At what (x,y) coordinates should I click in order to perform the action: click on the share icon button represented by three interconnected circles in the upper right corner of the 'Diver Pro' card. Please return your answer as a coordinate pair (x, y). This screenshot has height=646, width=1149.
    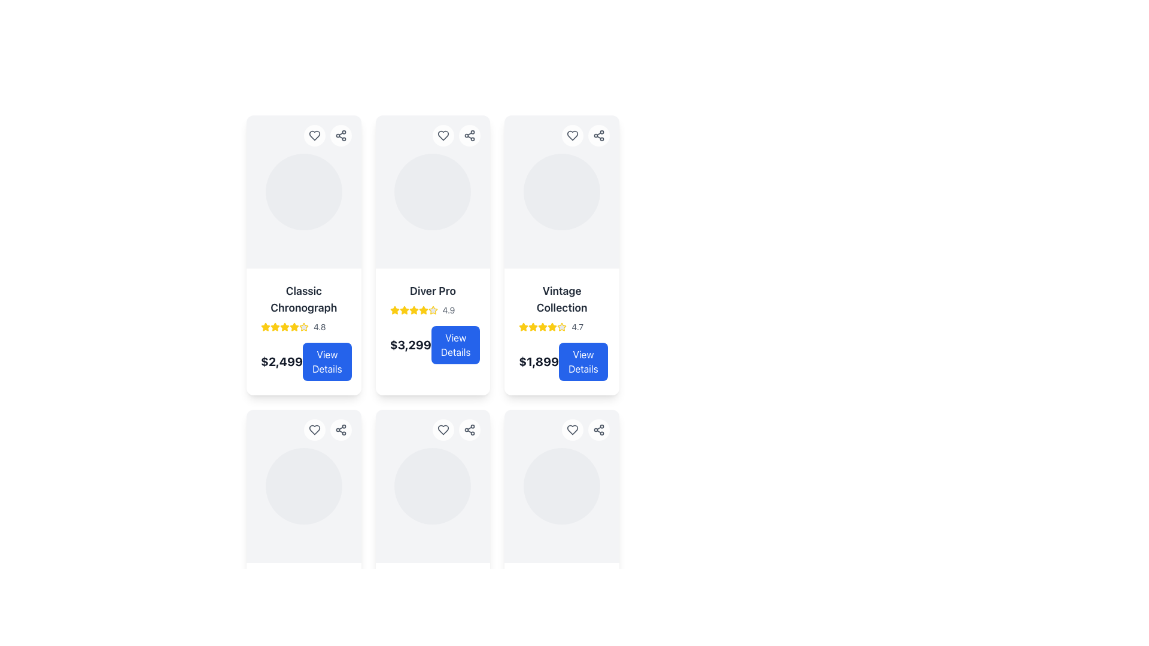
    Looking at the image, I should click on (340, 429).